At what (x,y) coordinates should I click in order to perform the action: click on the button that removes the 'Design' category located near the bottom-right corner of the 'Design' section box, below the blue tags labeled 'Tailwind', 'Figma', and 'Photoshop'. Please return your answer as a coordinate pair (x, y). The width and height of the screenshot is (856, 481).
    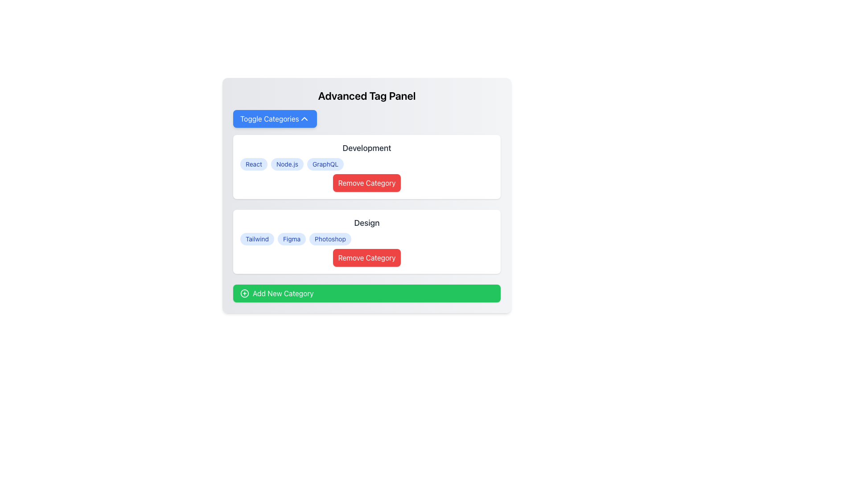
    Looking at the image, I should click on (366, 257).